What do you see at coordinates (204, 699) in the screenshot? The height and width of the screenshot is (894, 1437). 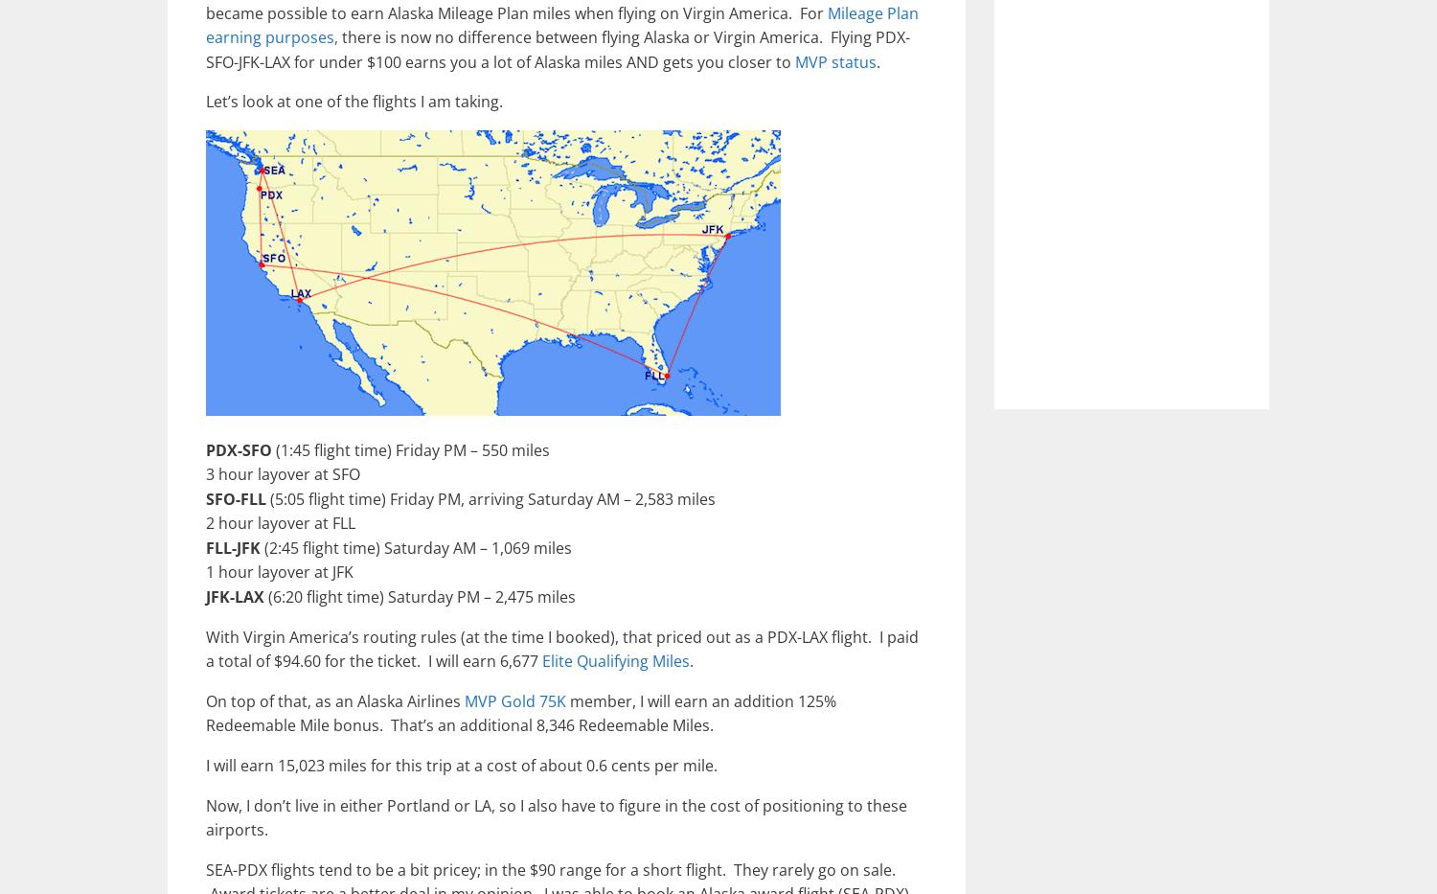 I see `'On top of that, as an Alaska Airlines'` at bounding box center [204, 699].